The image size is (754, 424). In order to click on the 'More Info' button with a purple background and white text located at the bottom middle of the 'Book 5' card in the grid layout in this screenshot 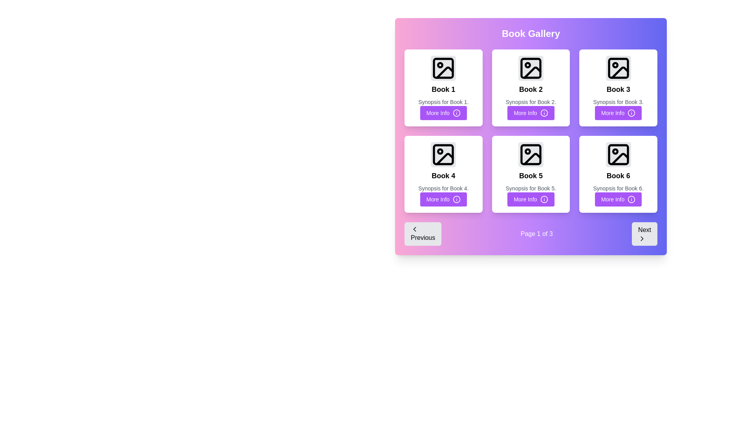, I will do `click(531, 199)`.